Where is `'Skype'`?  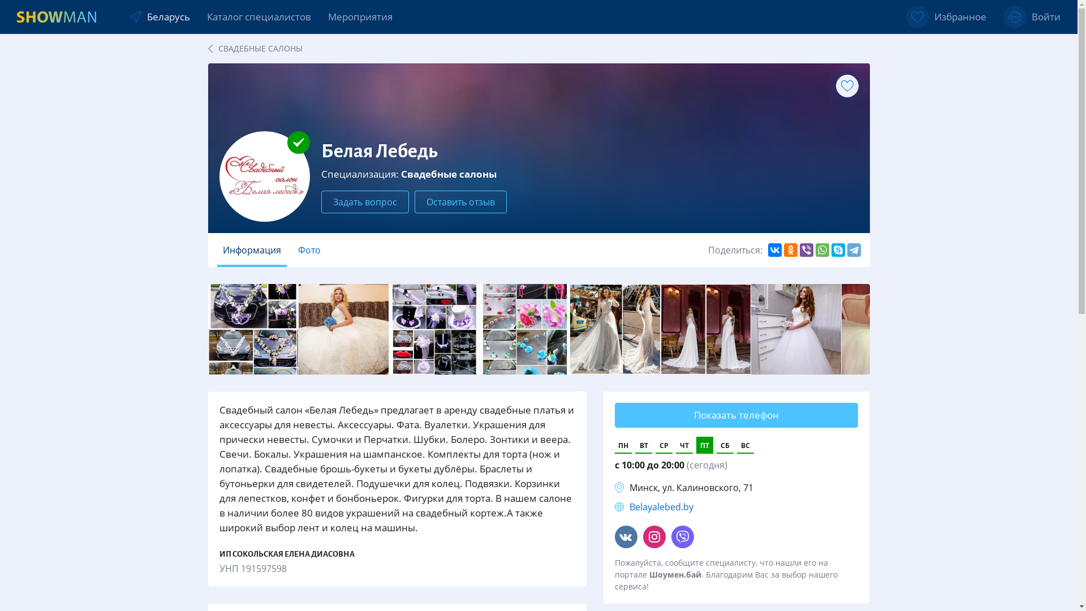 'Skype' is located at coordinates (838, 249).